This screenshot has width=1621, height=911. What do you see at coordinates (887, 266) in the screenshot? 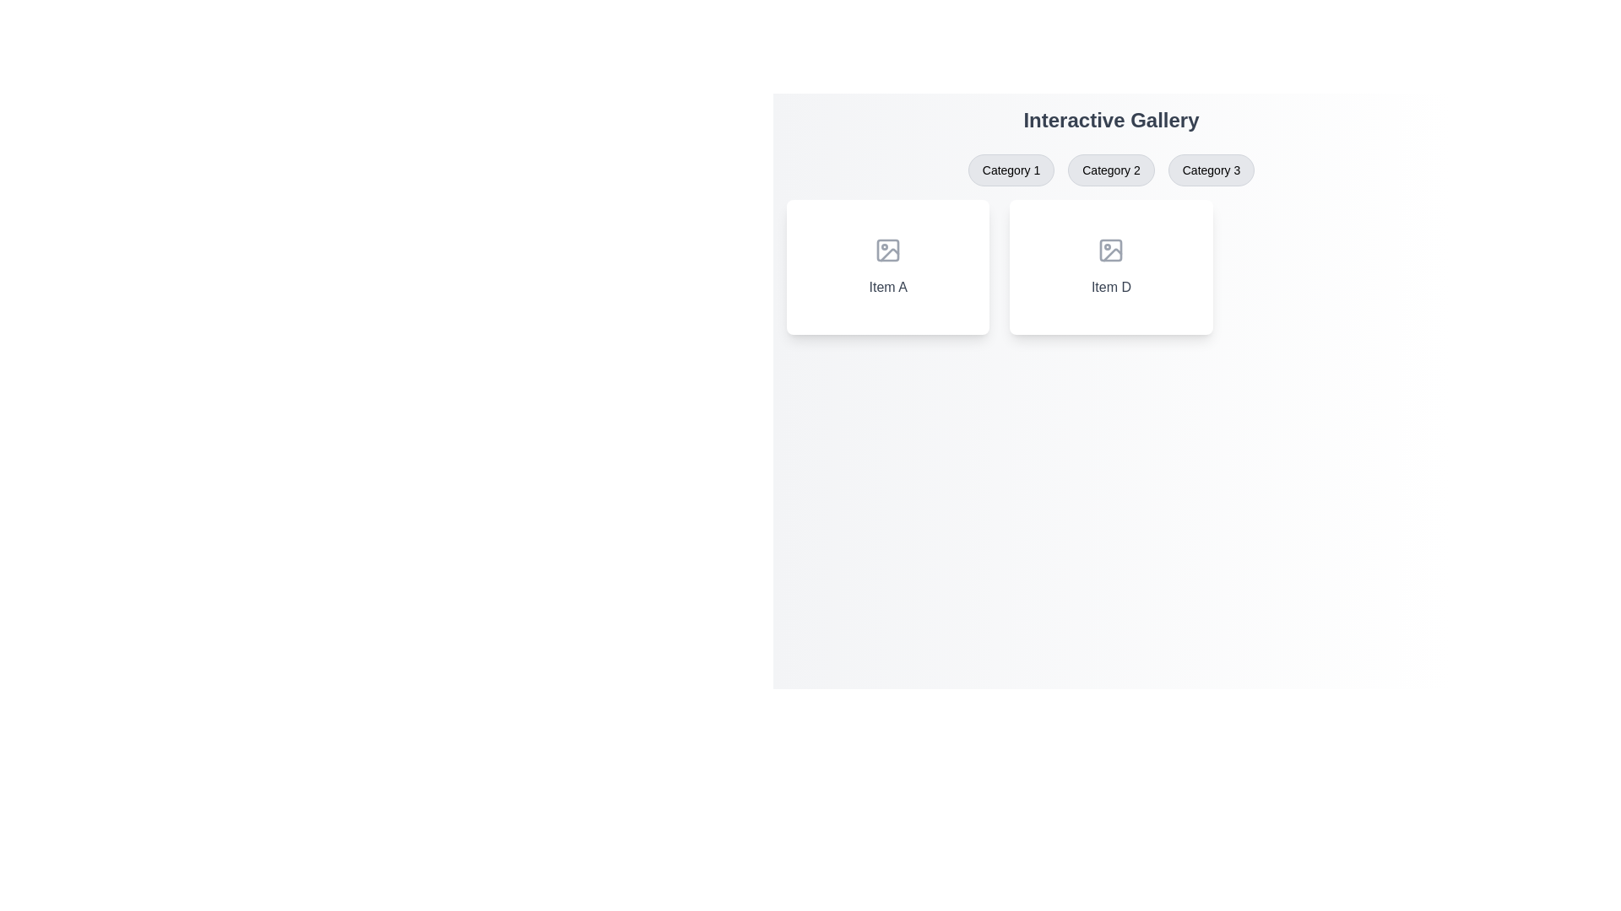
I see `the first card UI component displaying 'Item A' with a gray image icon at the top, located slightly below the category buttons` at bounding box center [887, 266].